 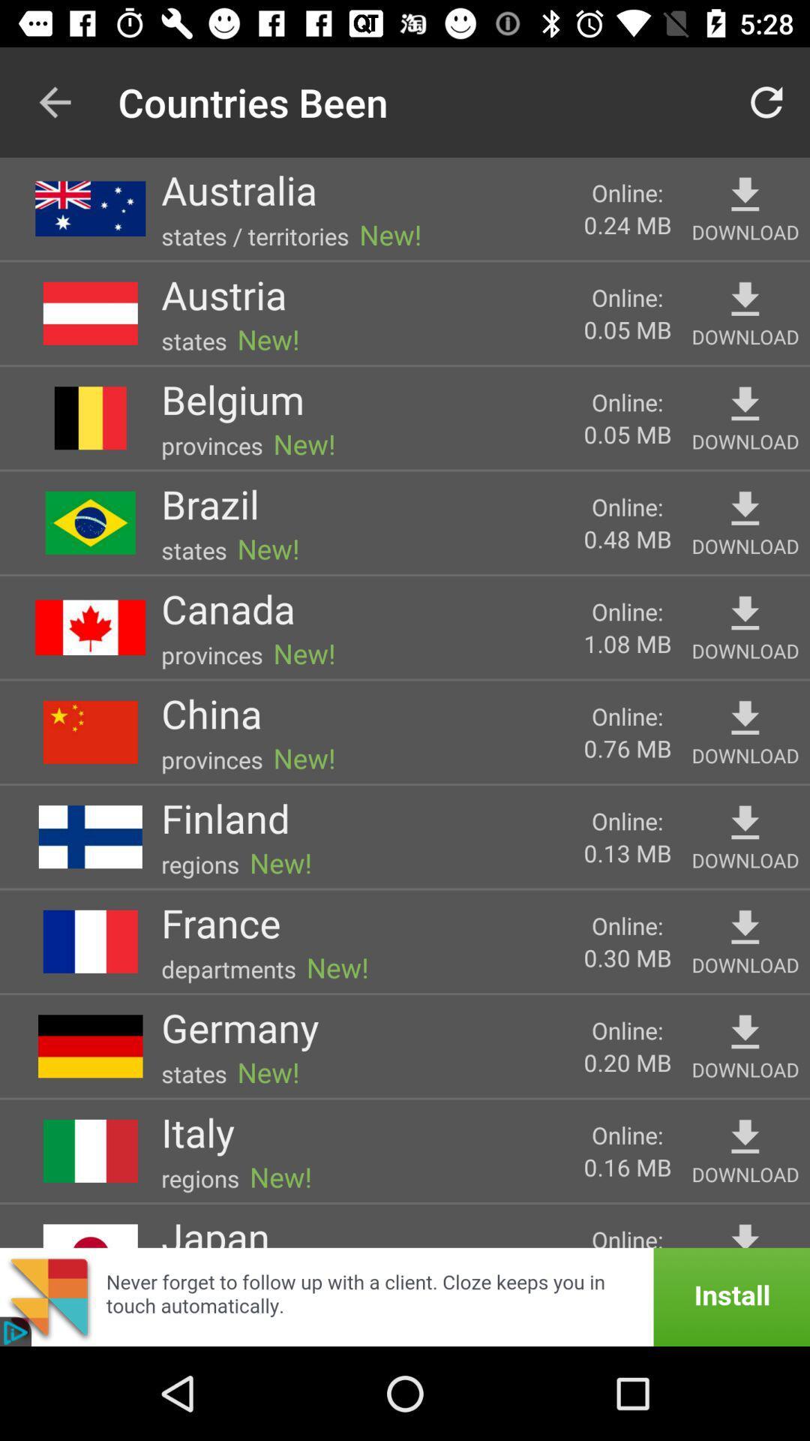 What do you see at coordinates (745, 823) in the screenshot?
I see `download finland map` at bounding box center [745, 823].